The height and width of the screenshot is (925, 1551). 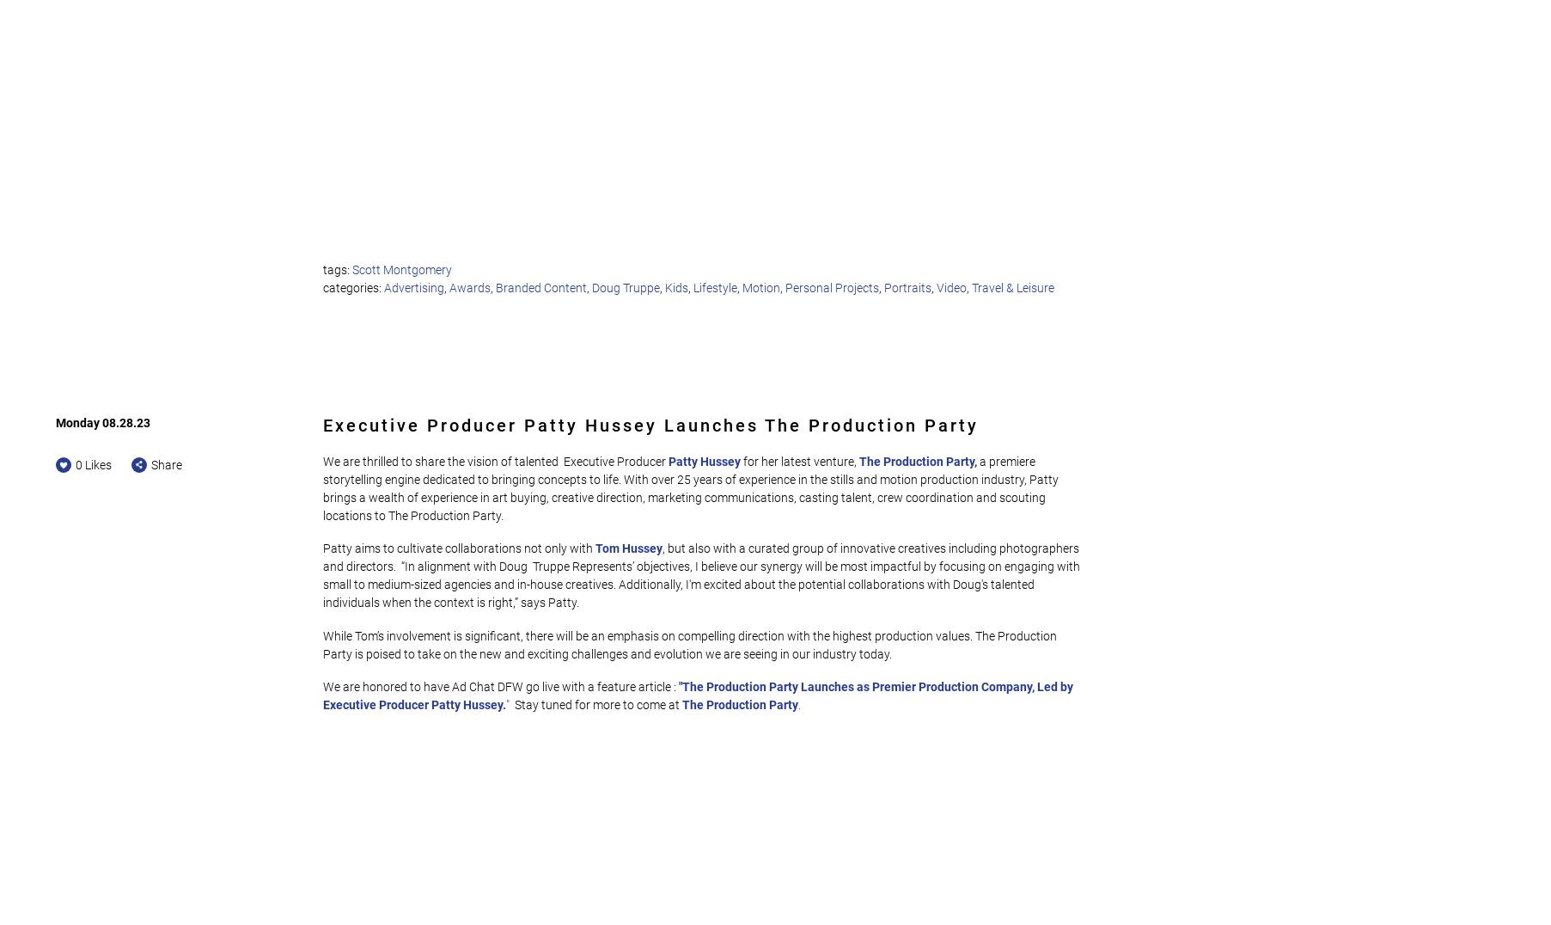 What do you see at coordinates (506, 704) in the screenshot?
I see `'"'` at bounding box center [506, 704].